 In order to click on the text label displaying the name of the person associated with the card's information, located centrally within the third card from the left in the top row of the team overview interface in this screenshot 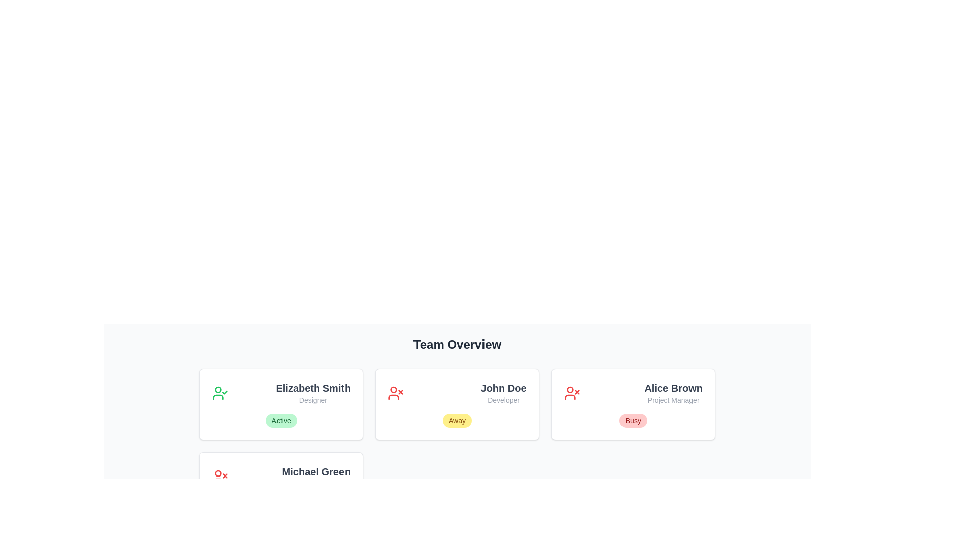, I will do `click(673, 388)`.